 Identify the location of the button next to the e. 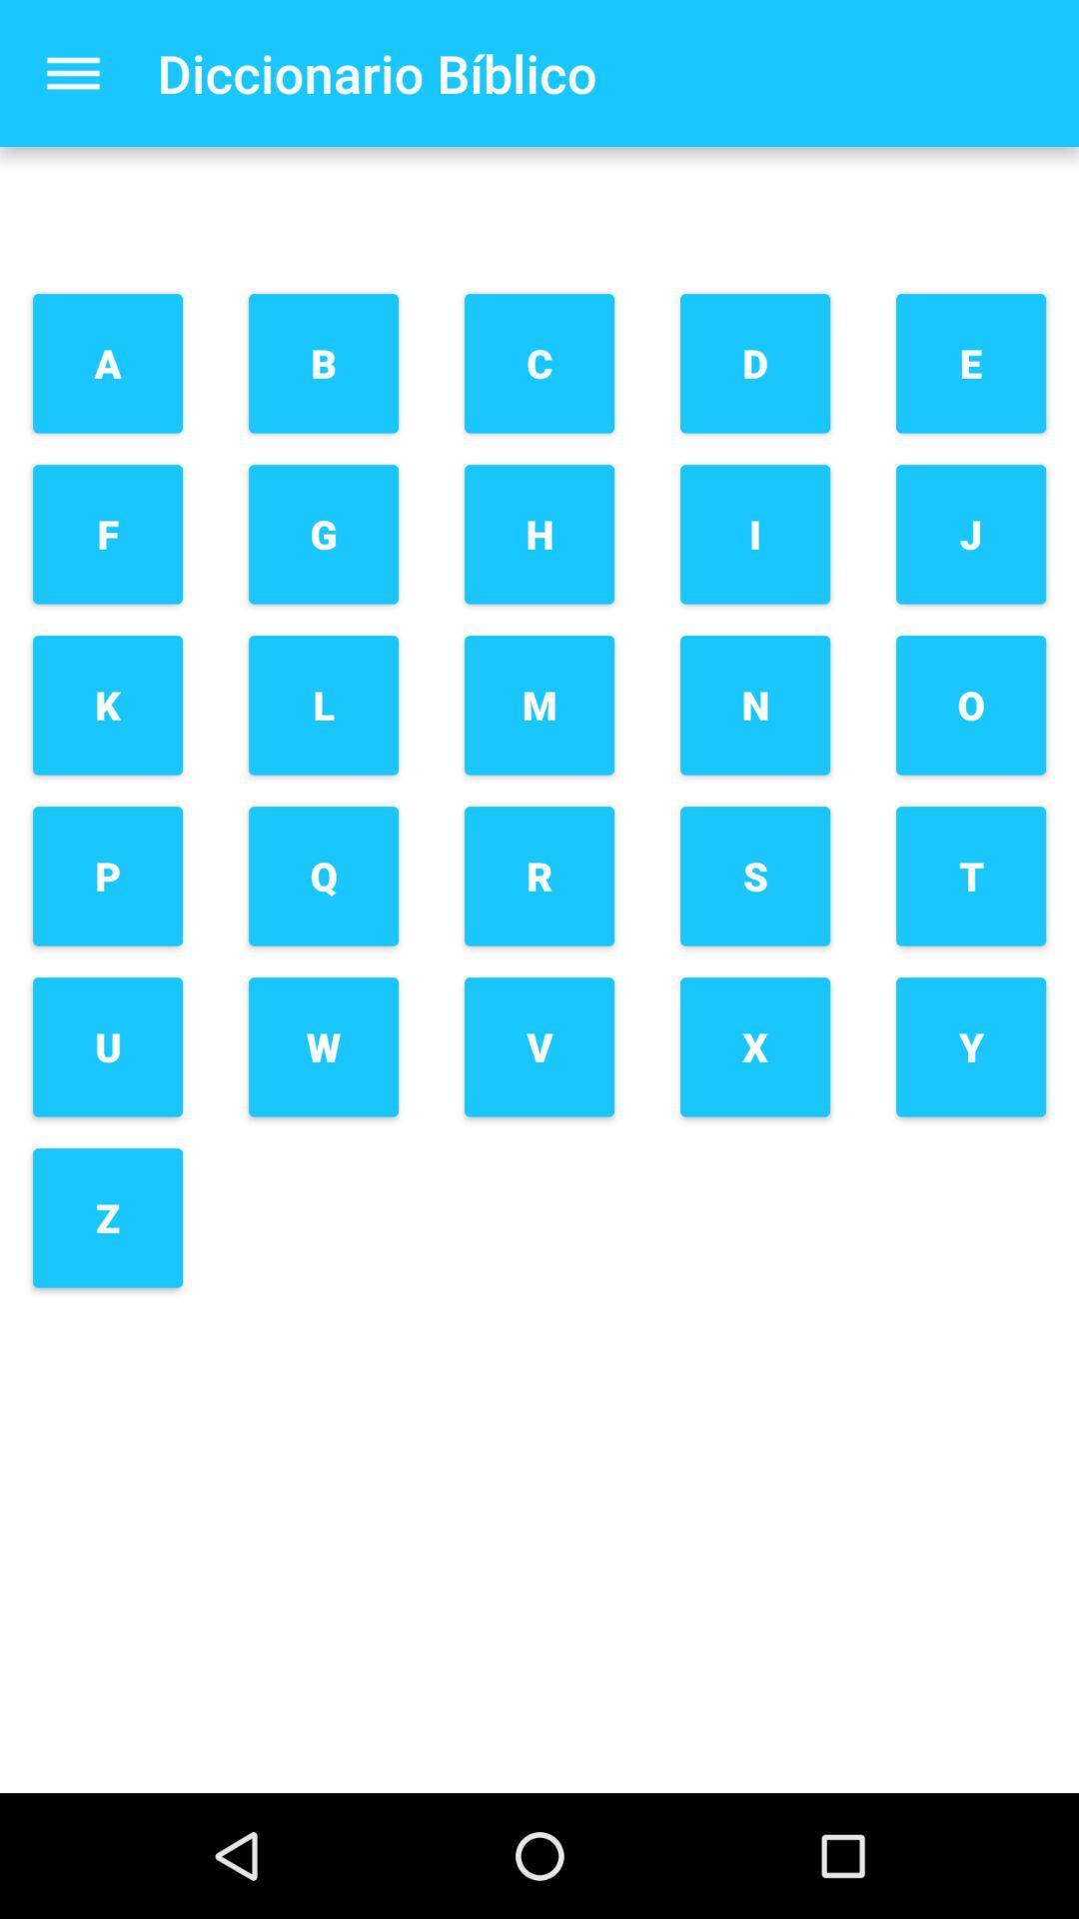
(755, 363).